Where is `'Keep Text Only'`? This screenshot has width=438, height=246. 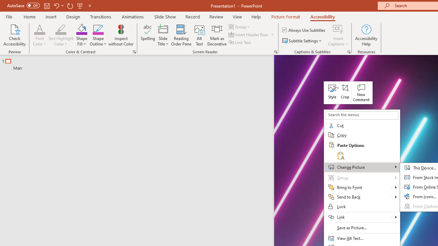 'Keep Text Only' is located at coordinates (340, 155).